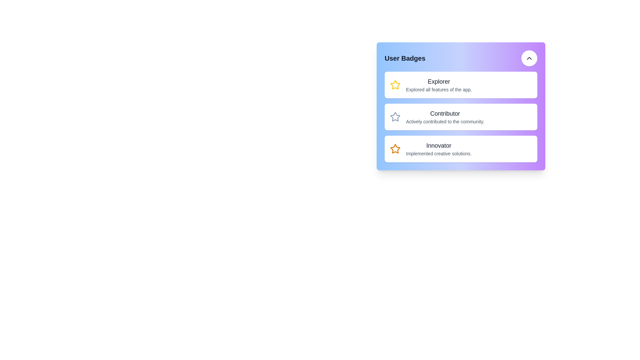 The height and width of the screenshot is (360, 640). Describe the element at coordinates (439, 149) in the screenshot. I see `the informational label for the 'Innovator' badge, which is located in the third row of the User Badges component, positioned below the 'Contributor' badge` at that location.